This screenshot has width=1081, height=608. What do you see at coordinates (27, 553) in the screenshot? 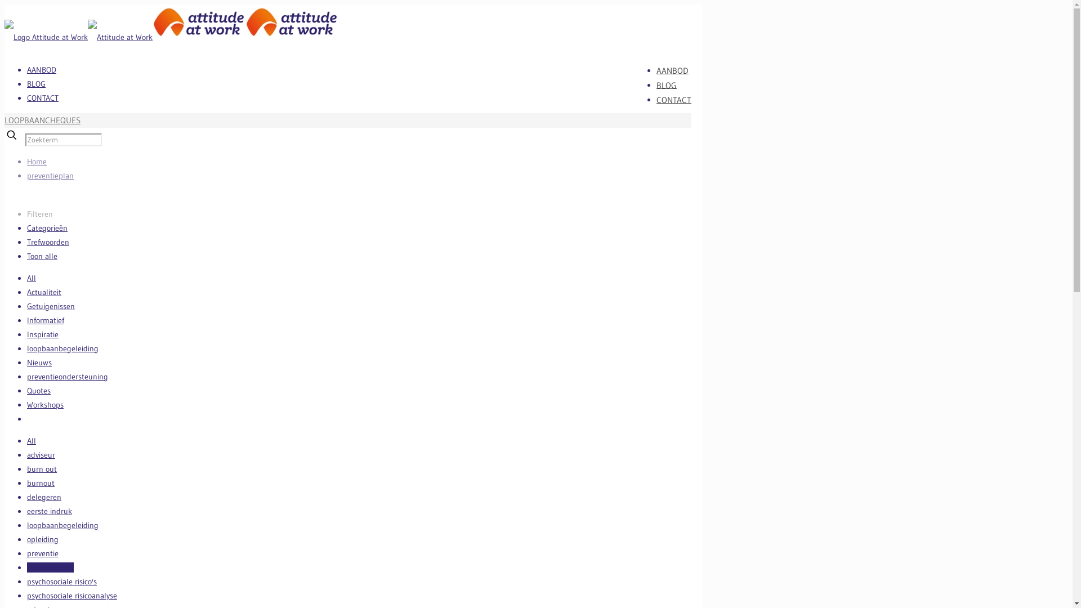
I see `'preventie'` at bounding box center [27, 553].